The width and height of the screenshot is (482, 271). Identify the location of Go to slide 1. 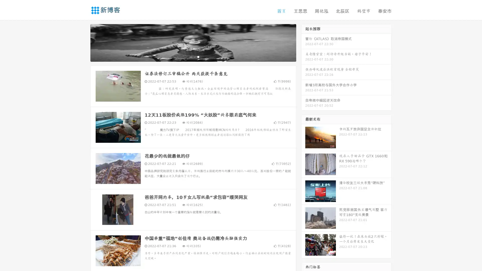
(188, 56).